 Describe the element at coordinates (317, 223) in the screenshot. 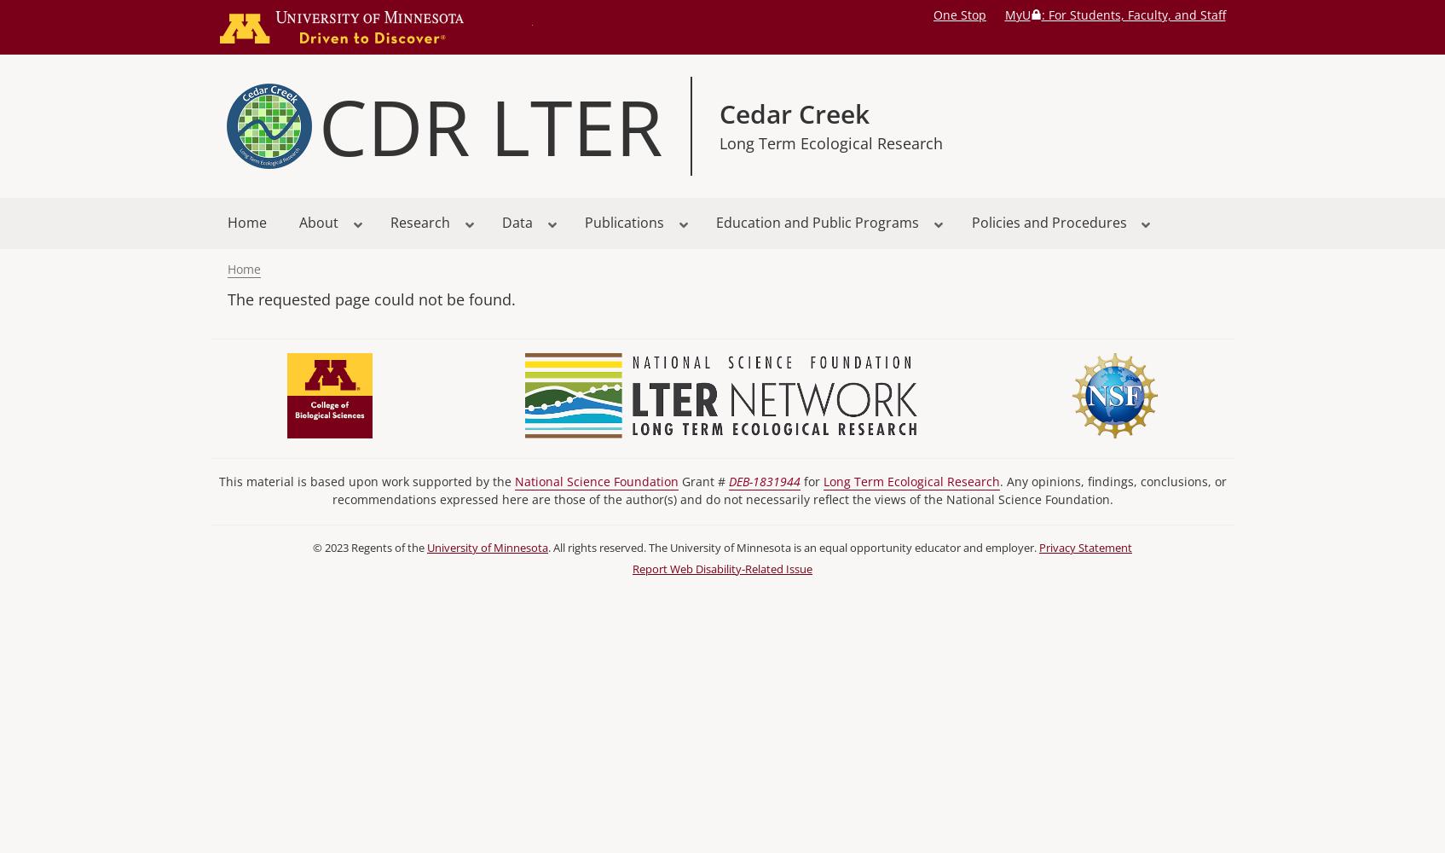

I see `'About'` at that location.